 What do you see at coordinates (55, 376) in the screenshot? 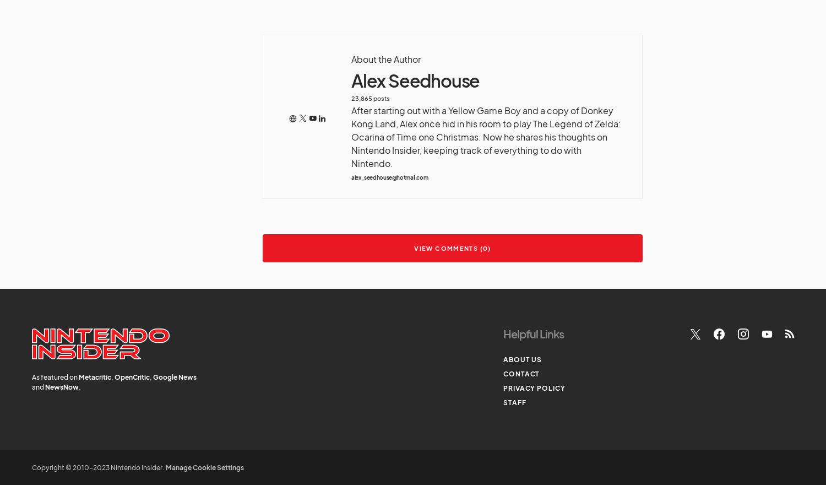
I see `'As featured on'` at bounding box center [55, 376].